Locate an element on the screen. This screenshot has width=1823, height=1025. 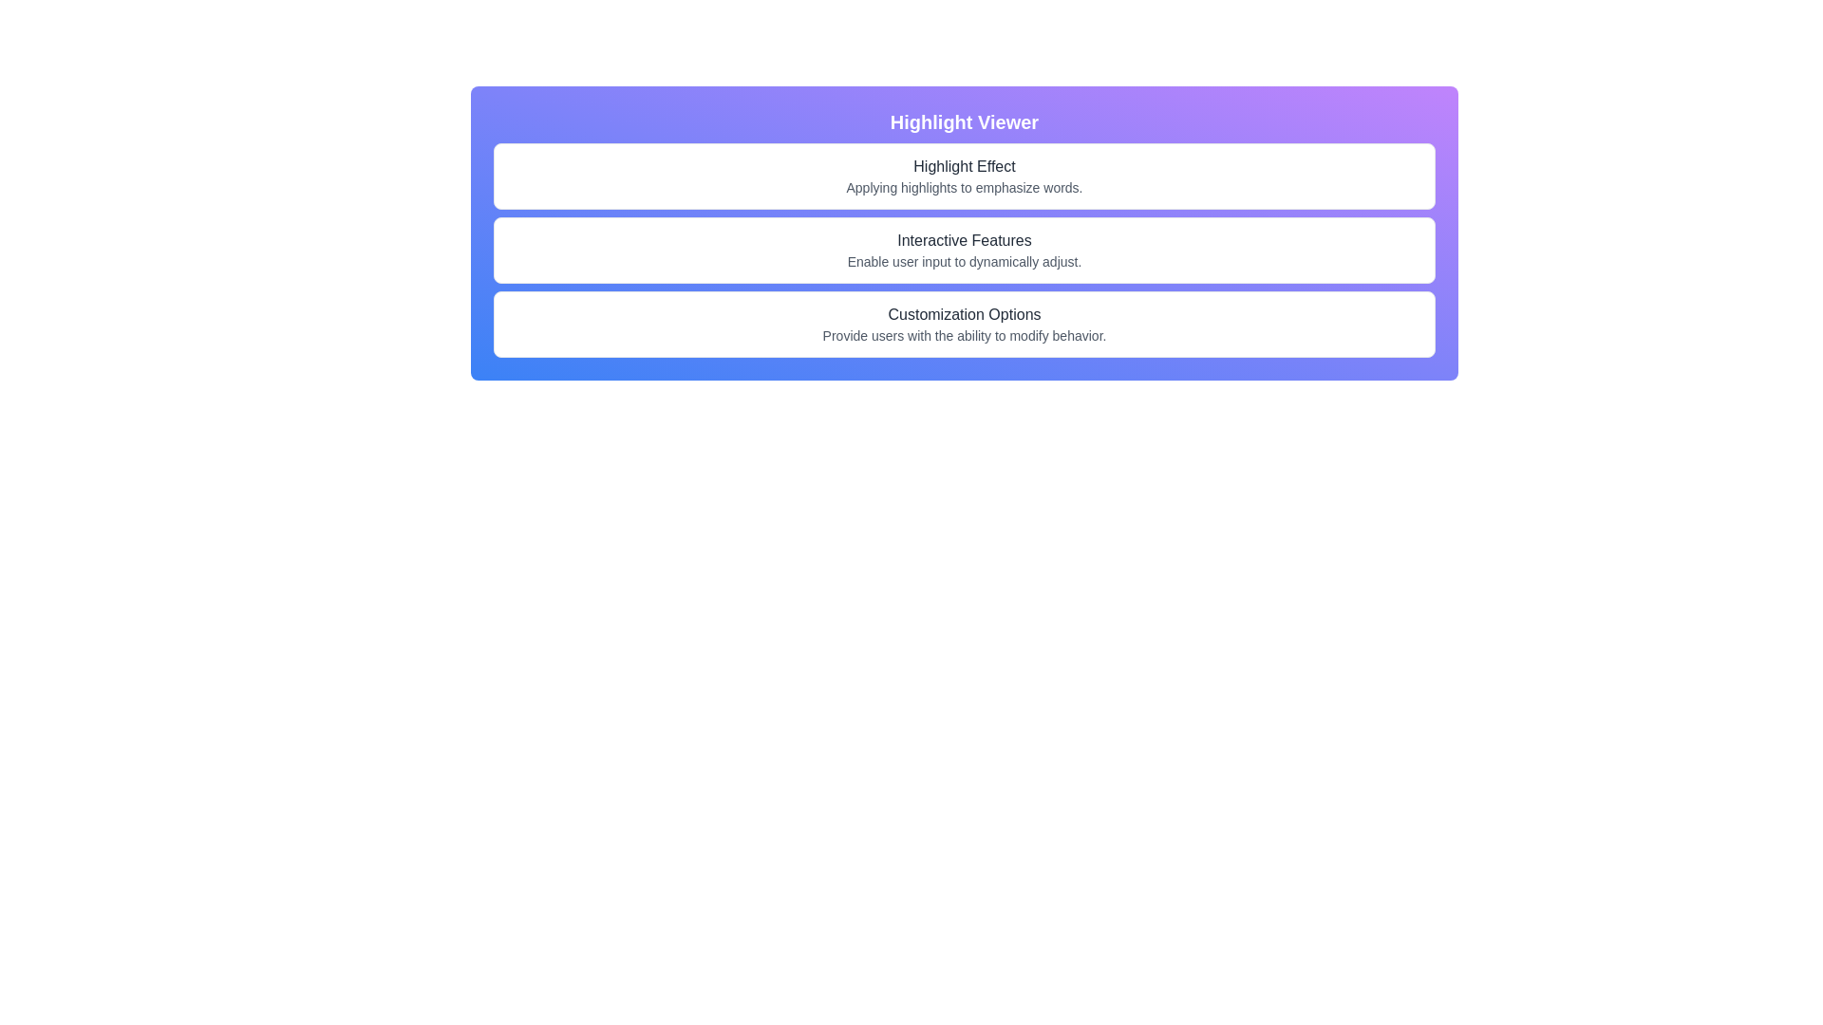
the first character of the text 'Customization Options' is located at coordinates (893, 313).